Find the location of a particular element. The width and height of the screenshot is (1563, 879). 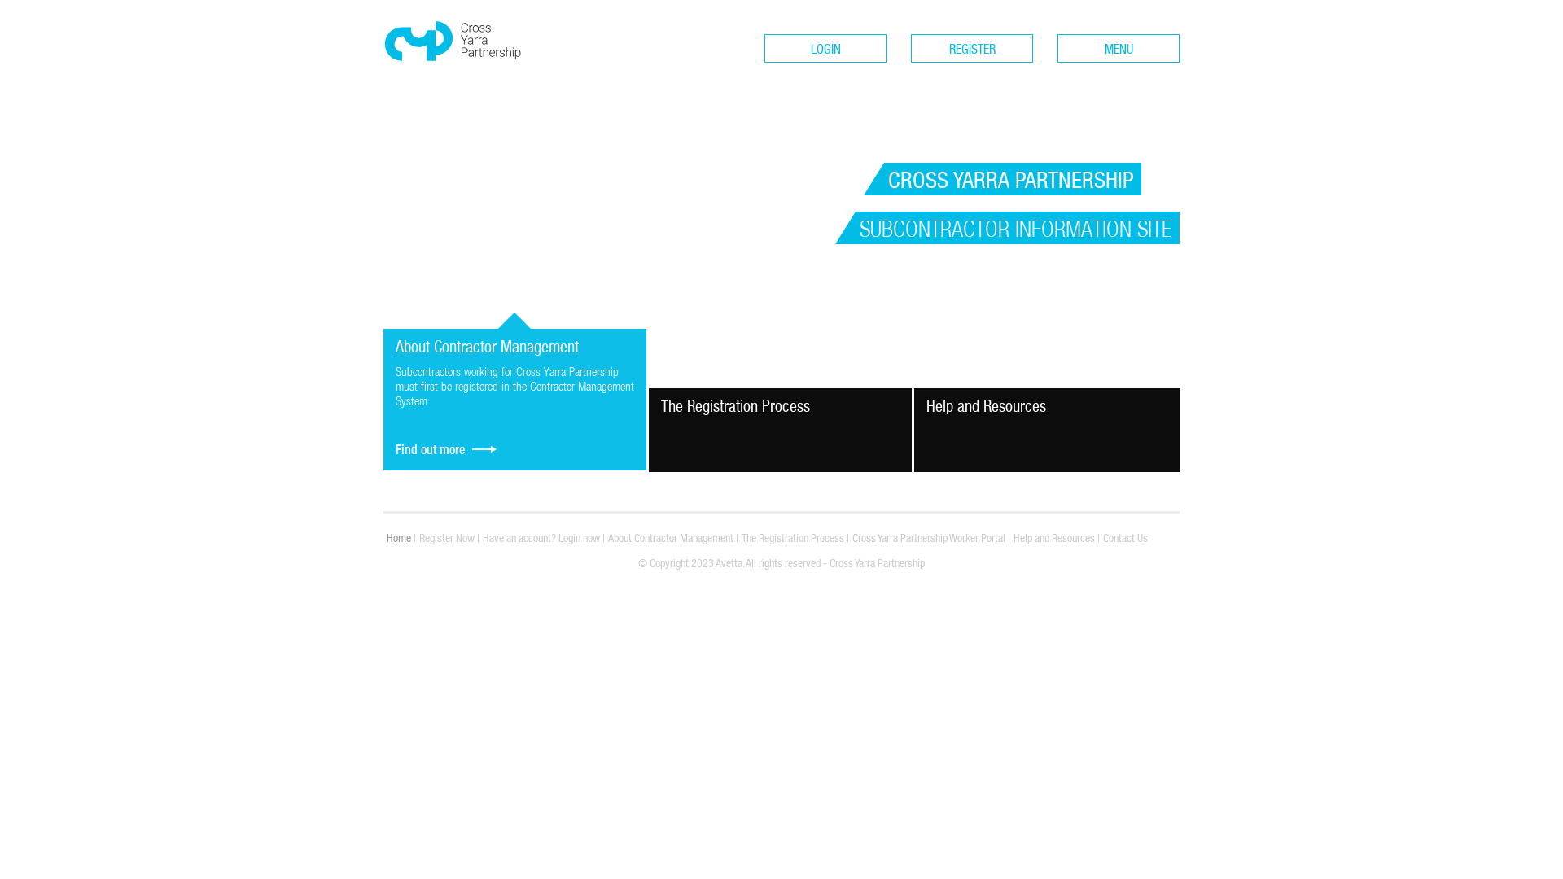

'MENU' is located at coordinates (1057, 47).